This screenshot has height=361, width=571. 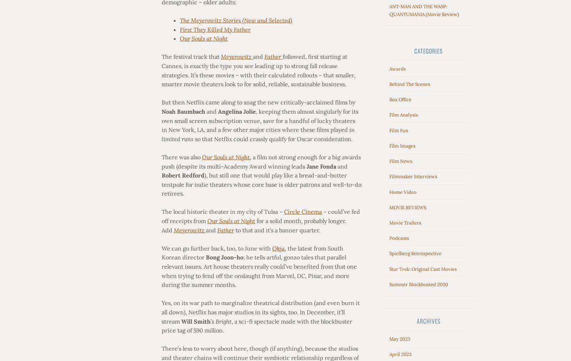 What do you see at coordinates (209, 38) in the screenshot?
I see `'Souls at Night'` at bounding box center [209, 38].